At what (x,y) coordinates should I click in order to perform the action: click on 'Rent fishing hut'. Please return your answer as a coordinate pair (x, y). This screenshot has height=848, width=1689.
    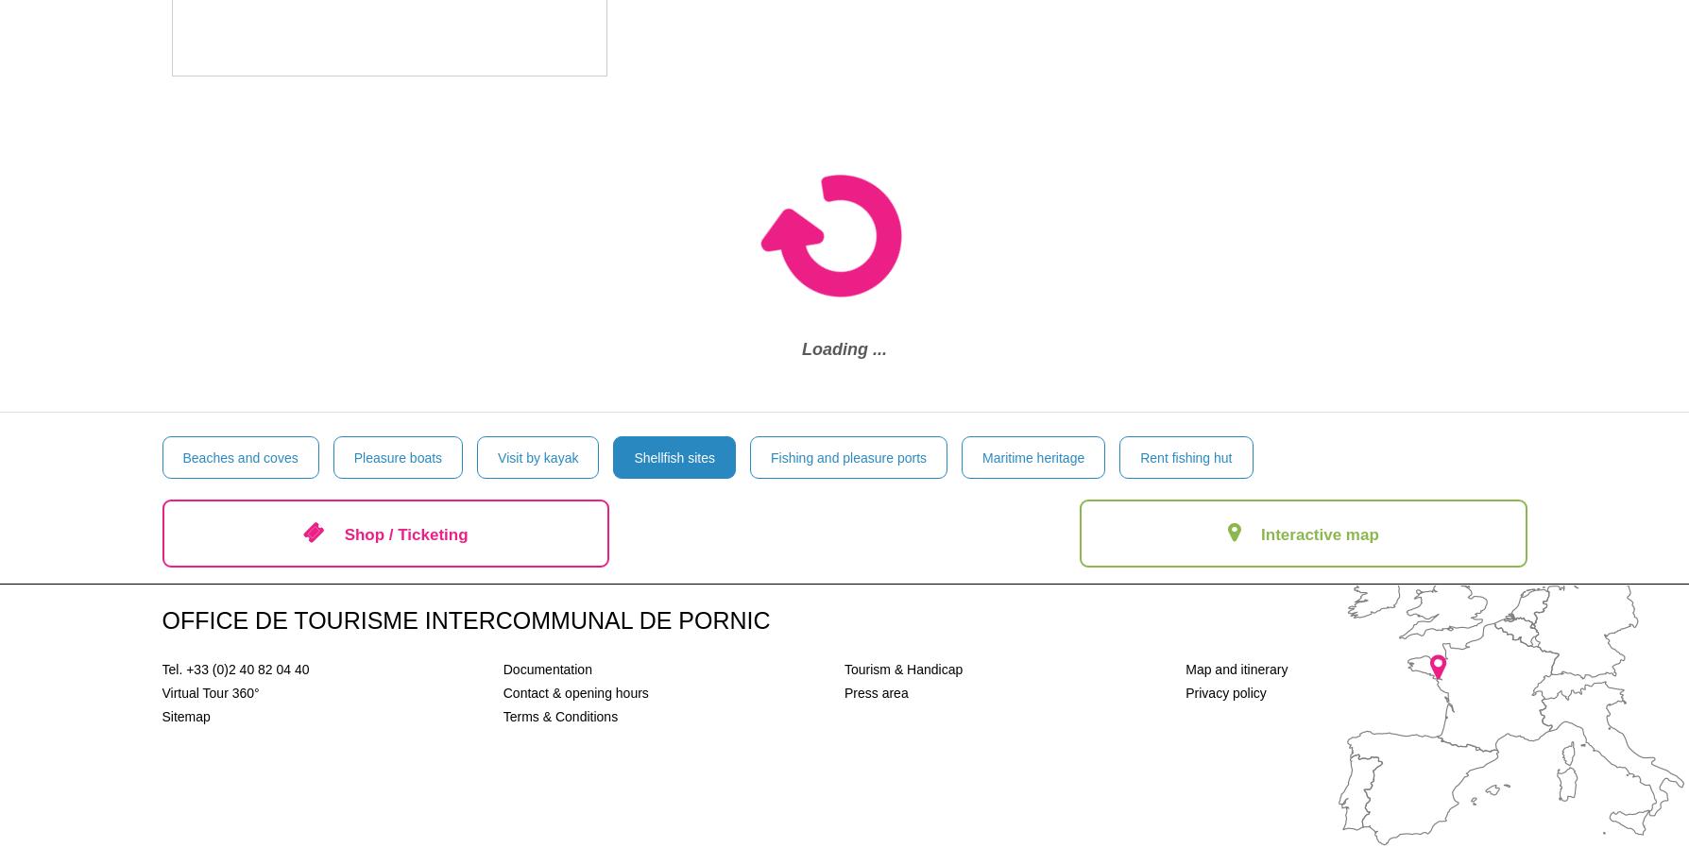
    Looking at the image, I should click on (1185, 456).